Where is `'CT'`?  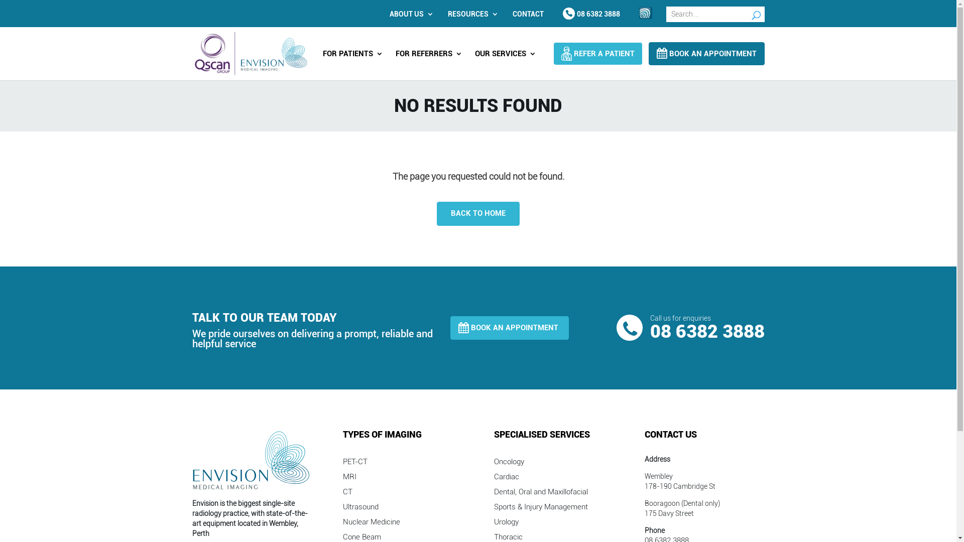
'CT' is located at coordinates (342, 493).